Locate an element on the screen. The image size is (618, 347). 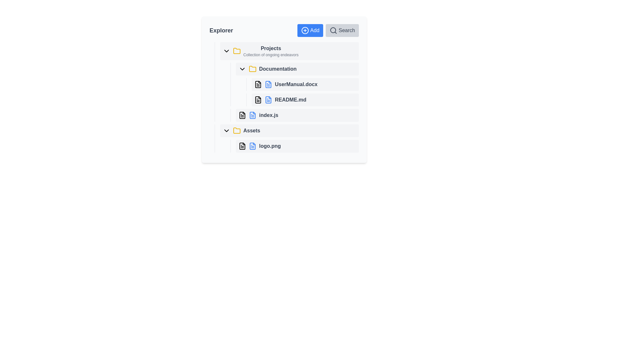
on the second item in the list within the 'Documentation' folder that represents a navigational link for accessing or managing the 'README.md' file is located at coordinates (302, 100).